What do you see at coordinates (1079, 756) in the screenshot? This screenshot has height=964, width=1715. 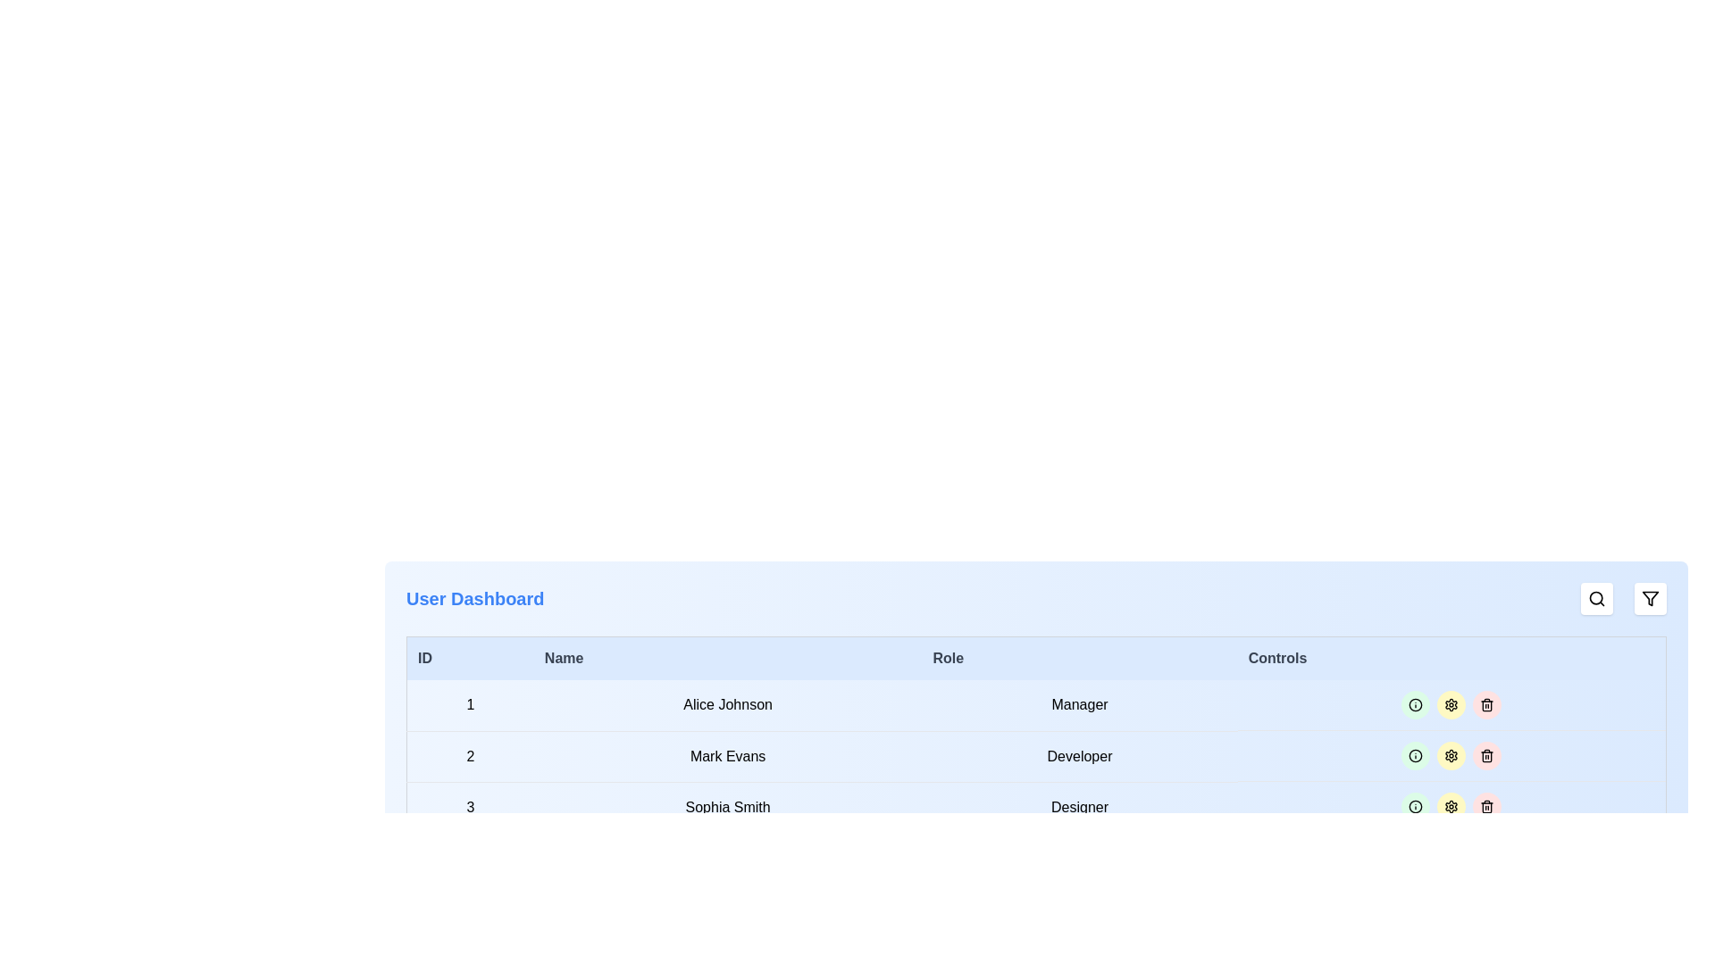 I see `the Static Text element displaying 'Developer' in the blue-themed table, located in the 'Role' column of the second row` at bounding box center [1079, 756].